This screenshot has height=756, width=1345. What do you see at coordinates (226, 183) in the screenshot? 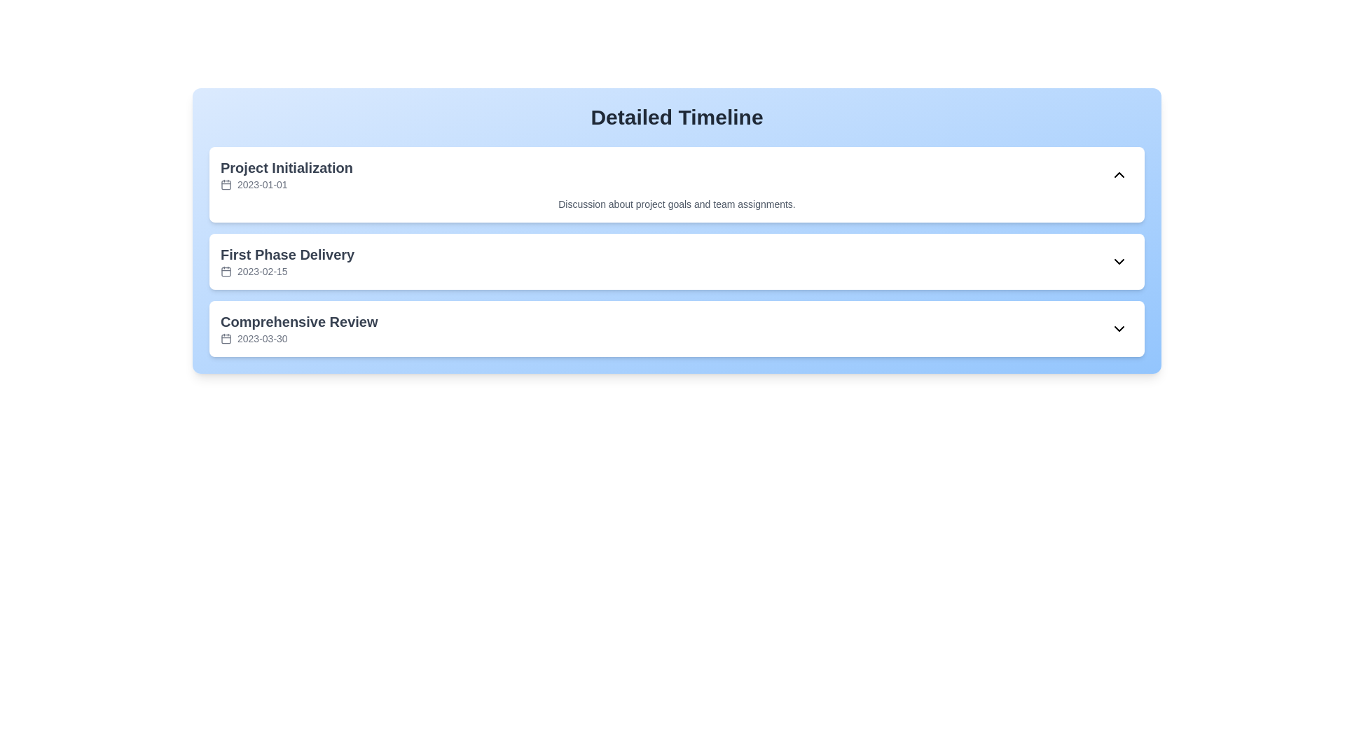
I see `the calendar icon's slot element, which is a rectangular shape with rounded corners located next to the text '2023-01-01'` at bounding box center [226, 183].